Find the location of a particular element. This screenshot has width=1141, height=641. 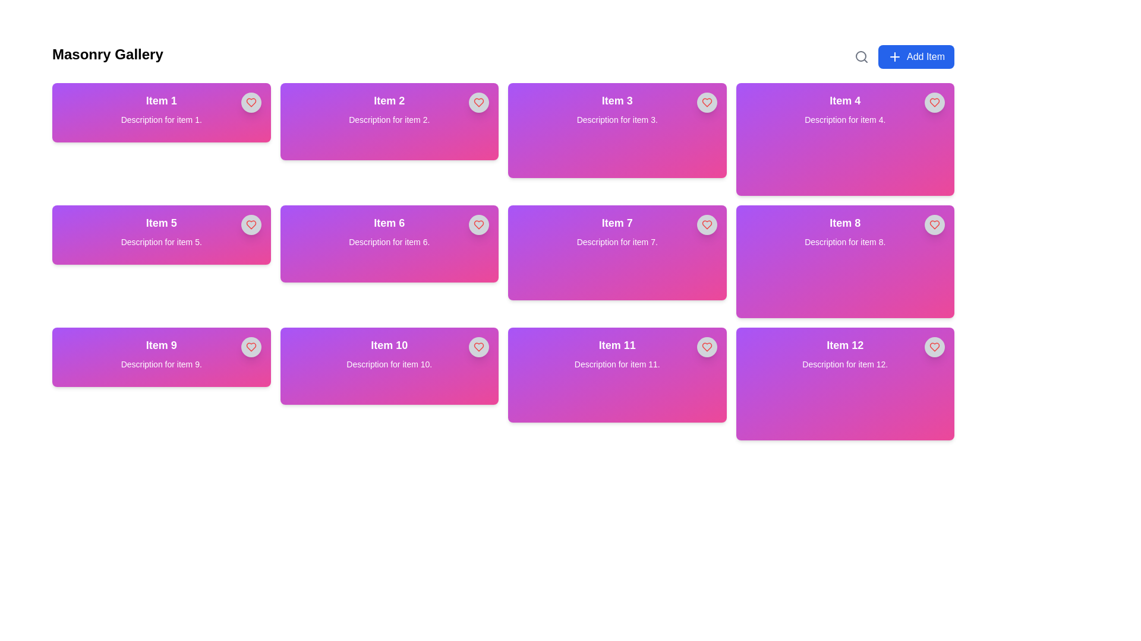

the 'favorite' or 'like' button in the top-right corner of the 'Item 10' box to mark it as liked or added to favorites is located at coordinates (479, 347).